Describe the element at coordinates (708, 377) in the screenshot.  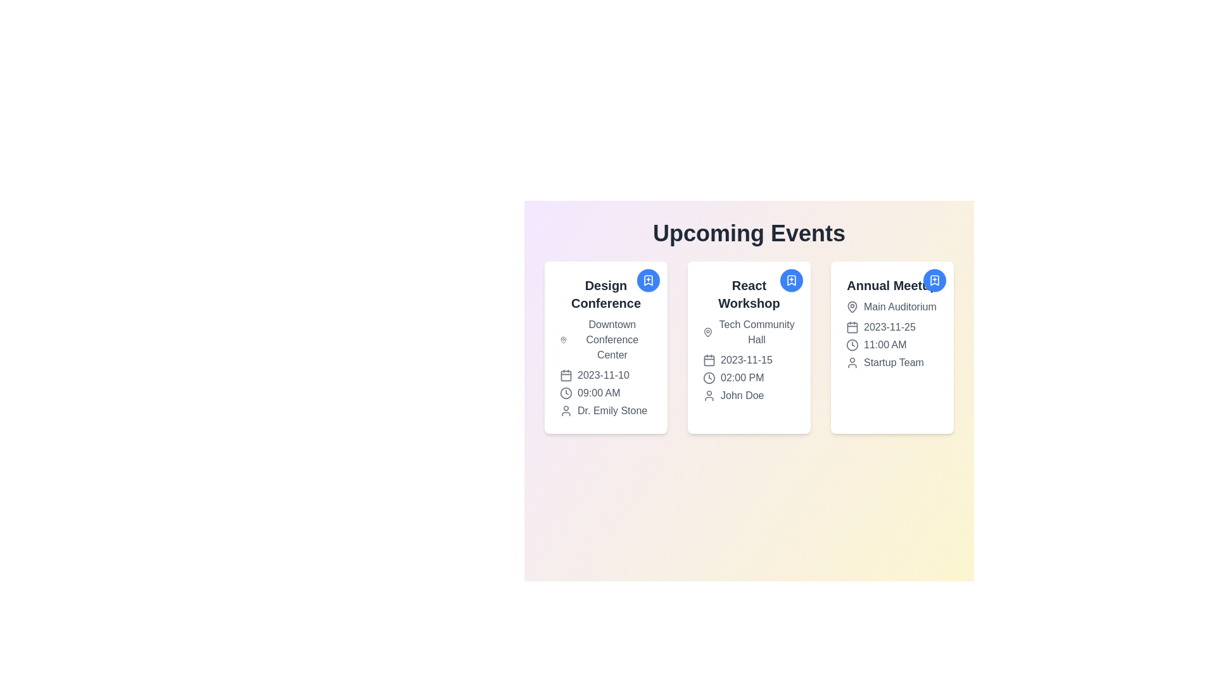
I see `the outer circular outline of the clock icon in the 'React Workshop' card, which is positioned near the scheduled time '02:00 PM' within the second card from the left` at that location.